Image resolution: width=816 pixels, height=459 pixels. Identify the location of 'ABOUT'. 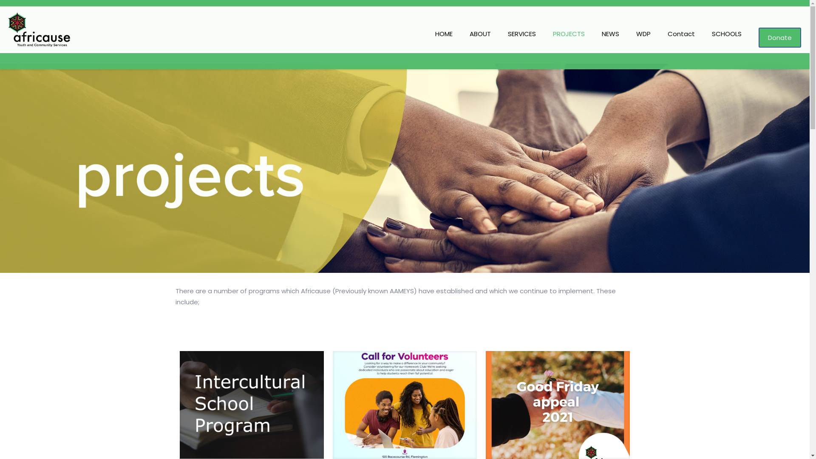
(480, 34).